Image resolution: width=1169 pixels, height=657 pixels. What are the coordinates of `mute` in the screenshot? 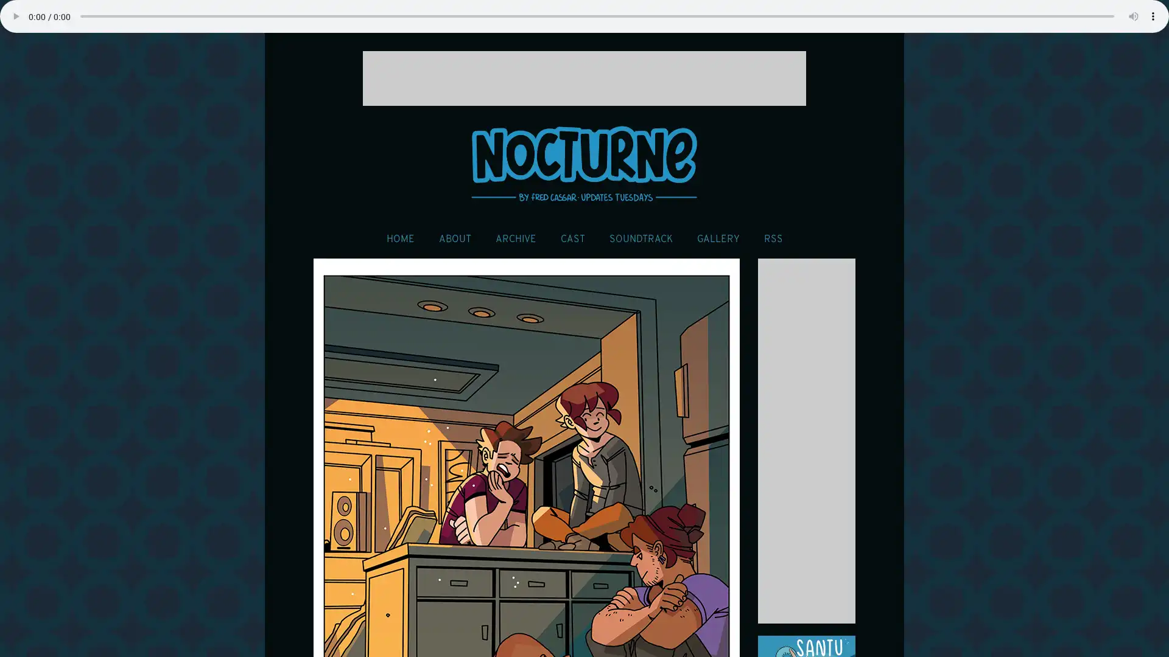 It's located at (1133, 16).